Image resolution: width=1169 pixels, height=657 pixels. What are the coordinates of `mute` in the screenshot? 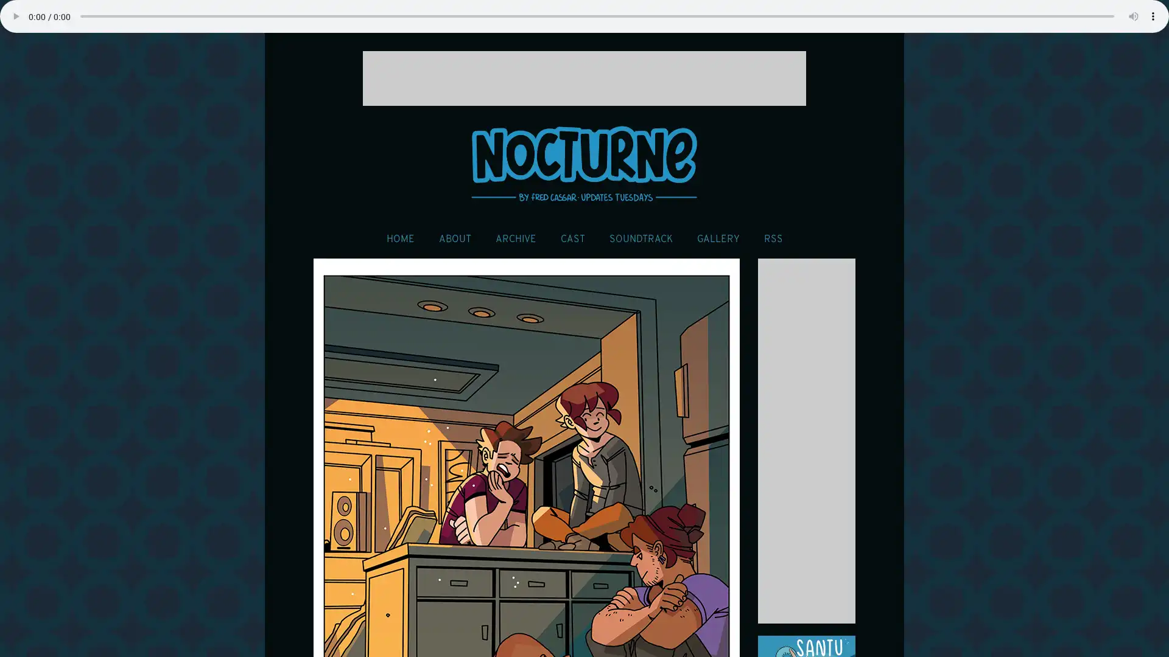 It's located at (1133, 16).